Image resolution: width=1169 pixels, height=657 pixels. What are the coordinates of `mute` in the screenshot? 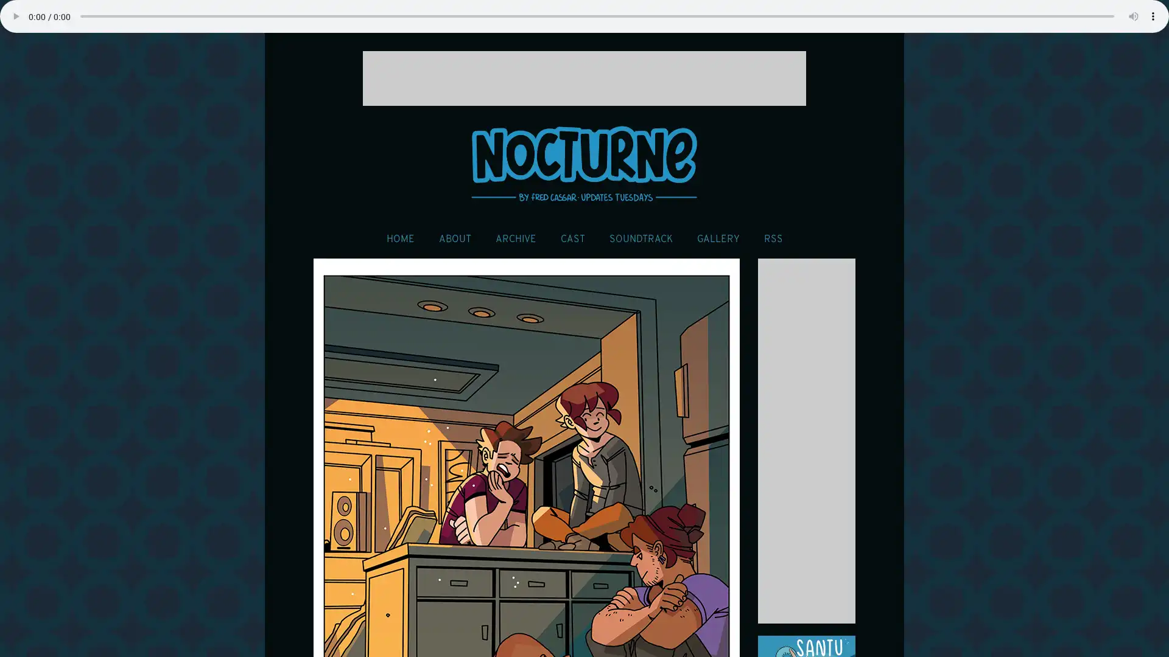 It's located at (1133, 16).